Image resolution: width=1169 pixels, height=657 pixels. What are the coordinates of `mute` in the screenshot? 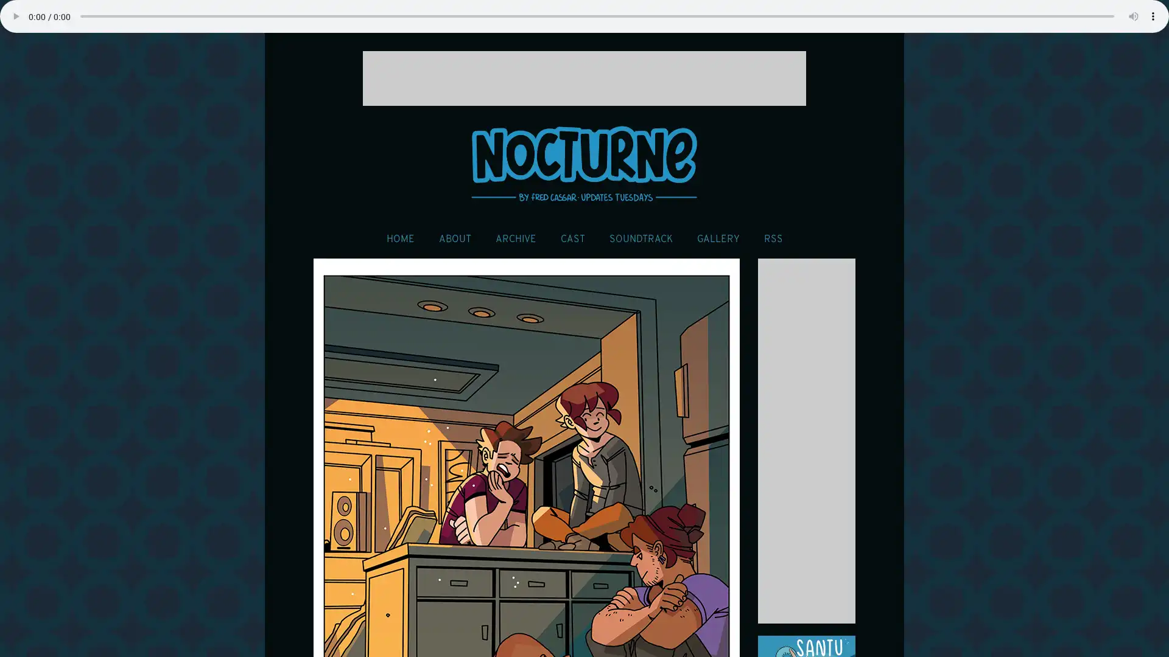 It's located at (1133, 16).